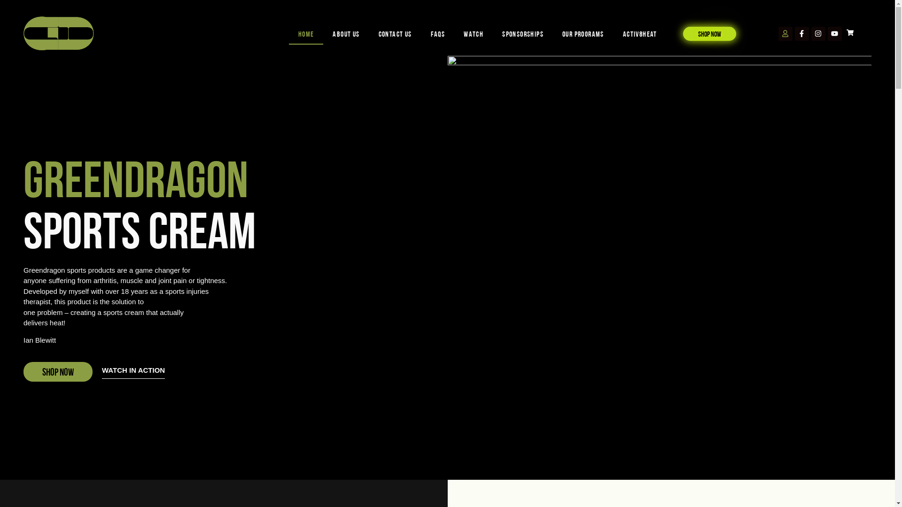  Describe the element at coordinates (345, 32) in the screenshot. I see `'About us'` at that location.